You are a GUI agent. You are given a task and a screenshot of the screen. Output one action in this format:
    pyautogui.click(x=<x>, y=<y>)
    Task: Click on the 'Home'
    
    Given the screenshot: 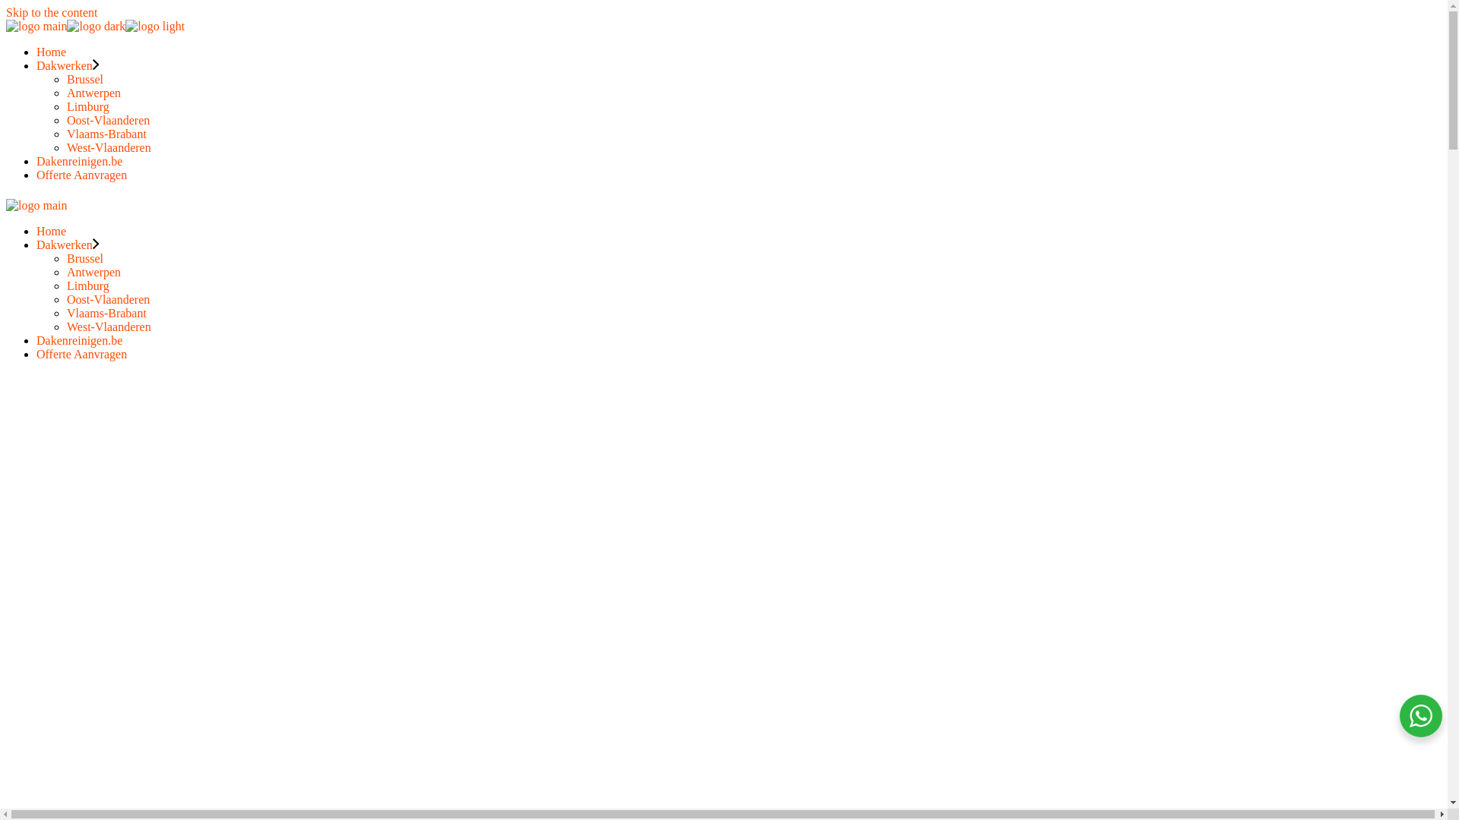 What is the action you would take?
    pyautogui.click(x=51, y=231)
    